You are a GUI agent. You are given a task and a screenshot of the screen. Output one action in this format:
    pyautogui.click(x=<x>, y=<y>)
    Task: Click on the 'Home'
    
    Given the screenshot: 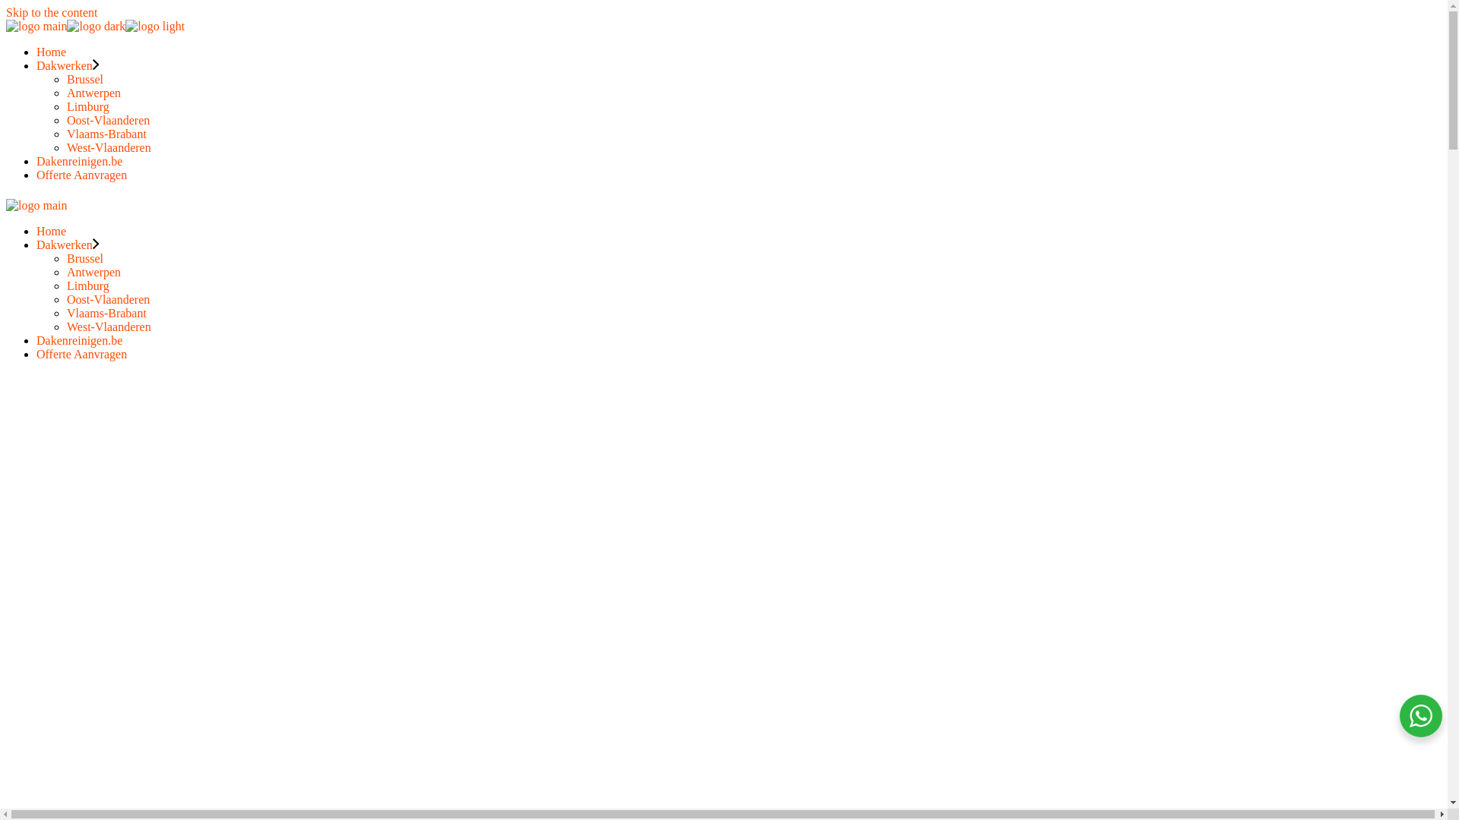 What is the action you would take?
    pyautogui.click(x=51, y=231)
    